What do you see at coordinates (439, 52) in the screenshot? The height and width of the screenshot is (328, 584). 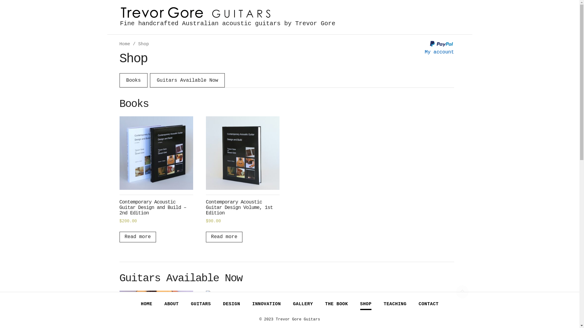 I see `'My account'` at bounding box center [439, 52].